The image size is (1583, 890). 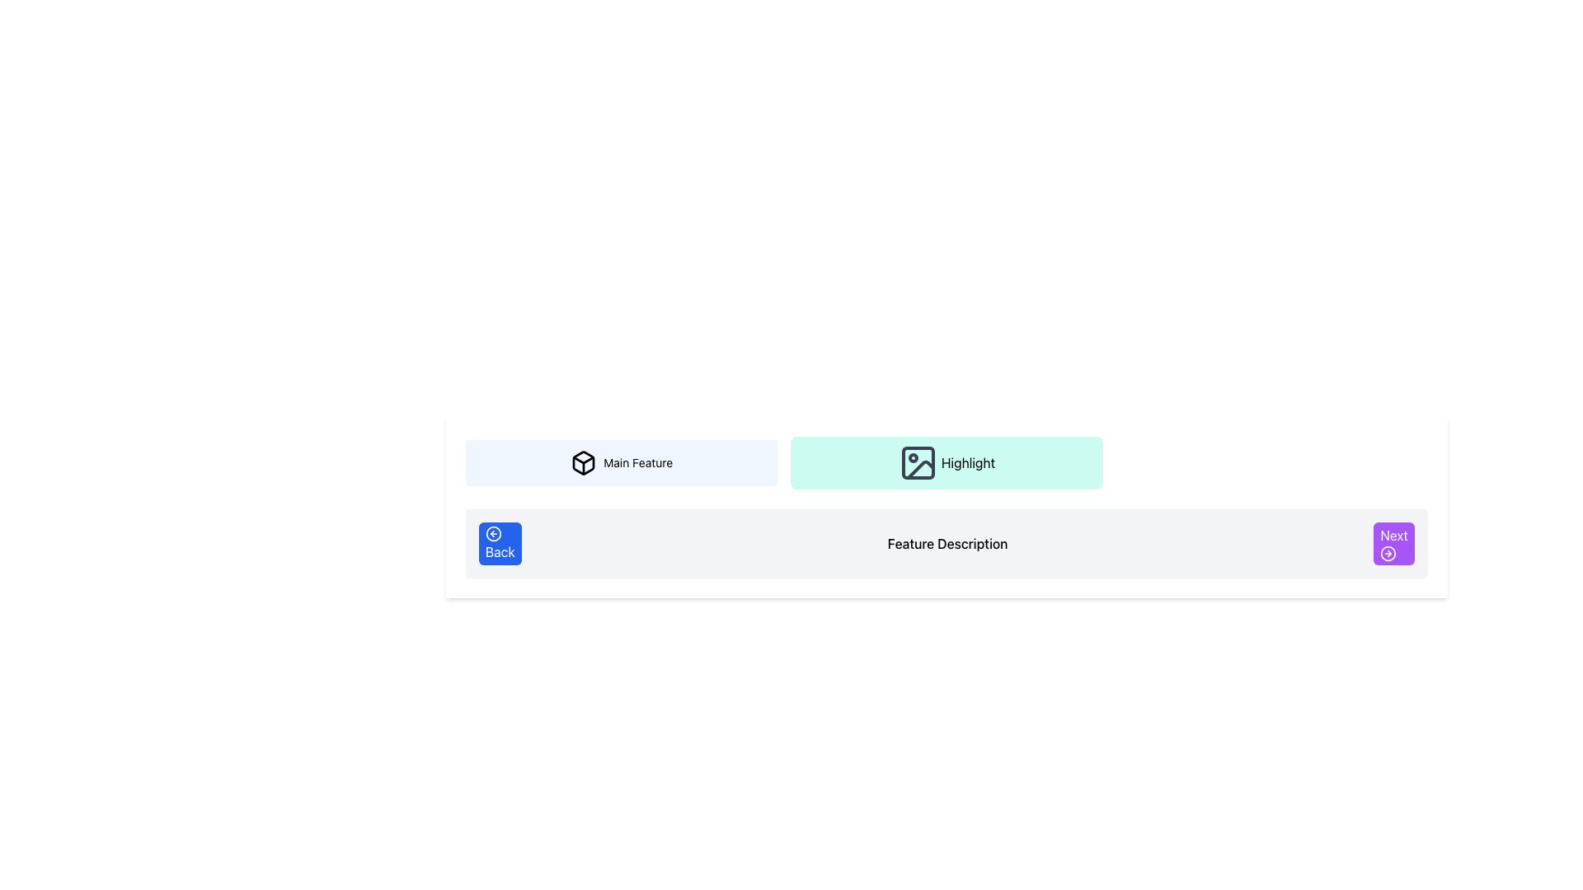 What do you see at coordinates (493, 534) in the screenshot?
I see `the circular outer border of the backward arrow icon located at the bottom left of the interface` at bounding box center [493, 534].